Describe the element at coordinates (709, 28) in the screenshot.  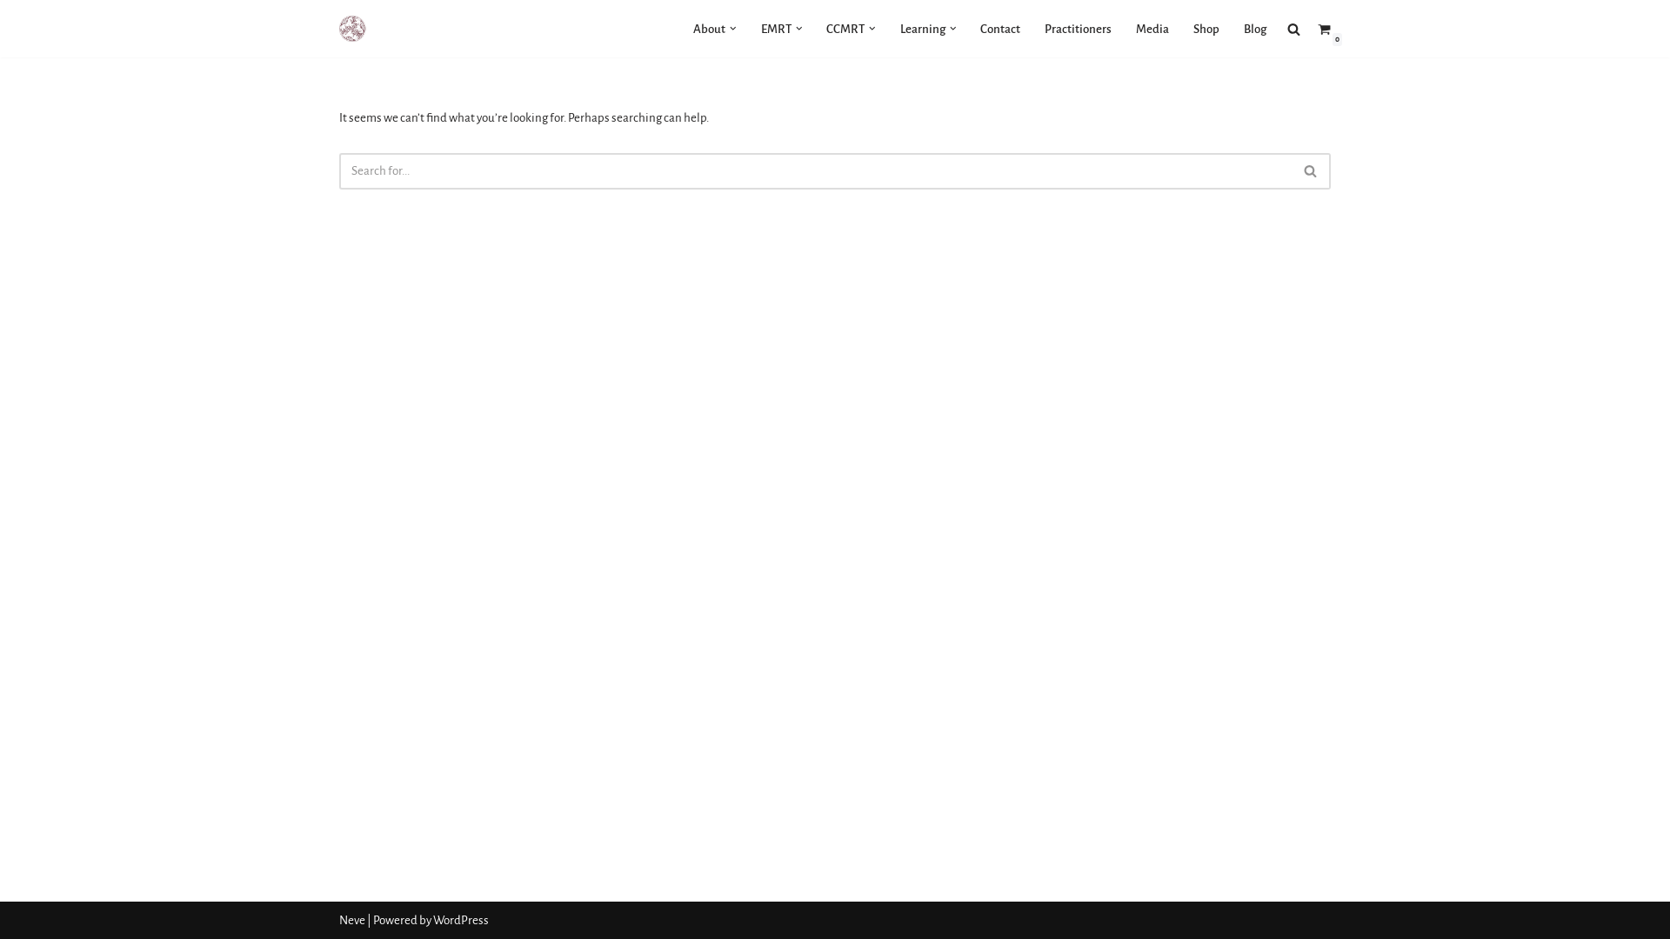
I see `'About'` at that location.